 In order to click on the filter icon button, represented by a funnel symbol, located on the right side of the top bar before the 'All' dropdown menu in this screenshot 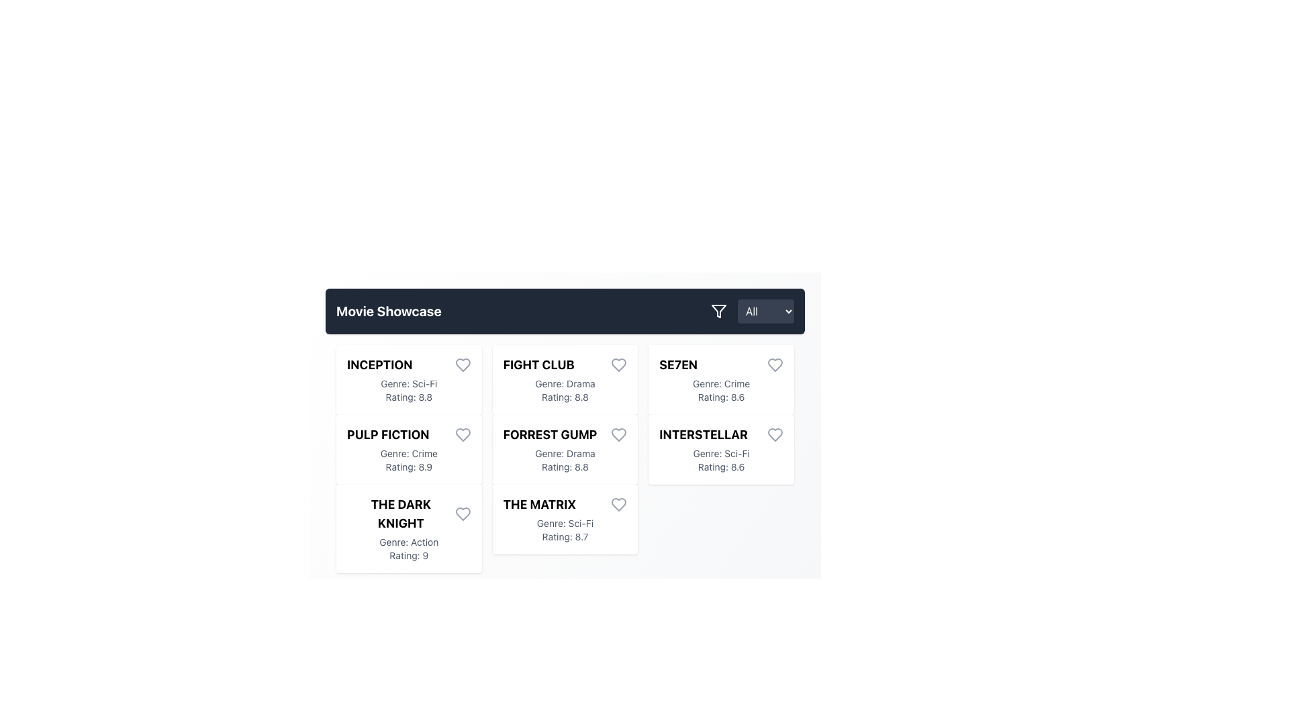, I will do `click(718, 311)`.